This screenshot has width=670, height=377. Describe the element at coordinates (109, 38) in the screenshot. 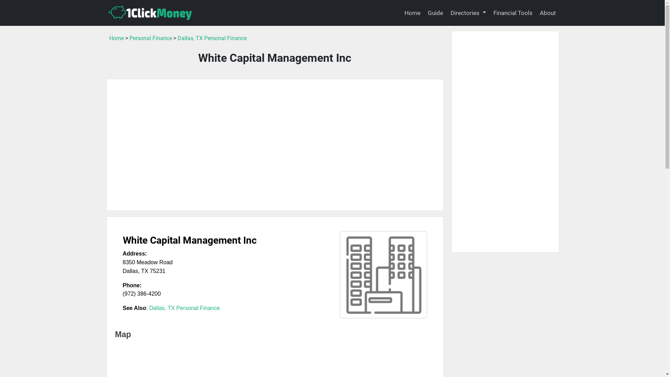

I see `'Home'` at that location.